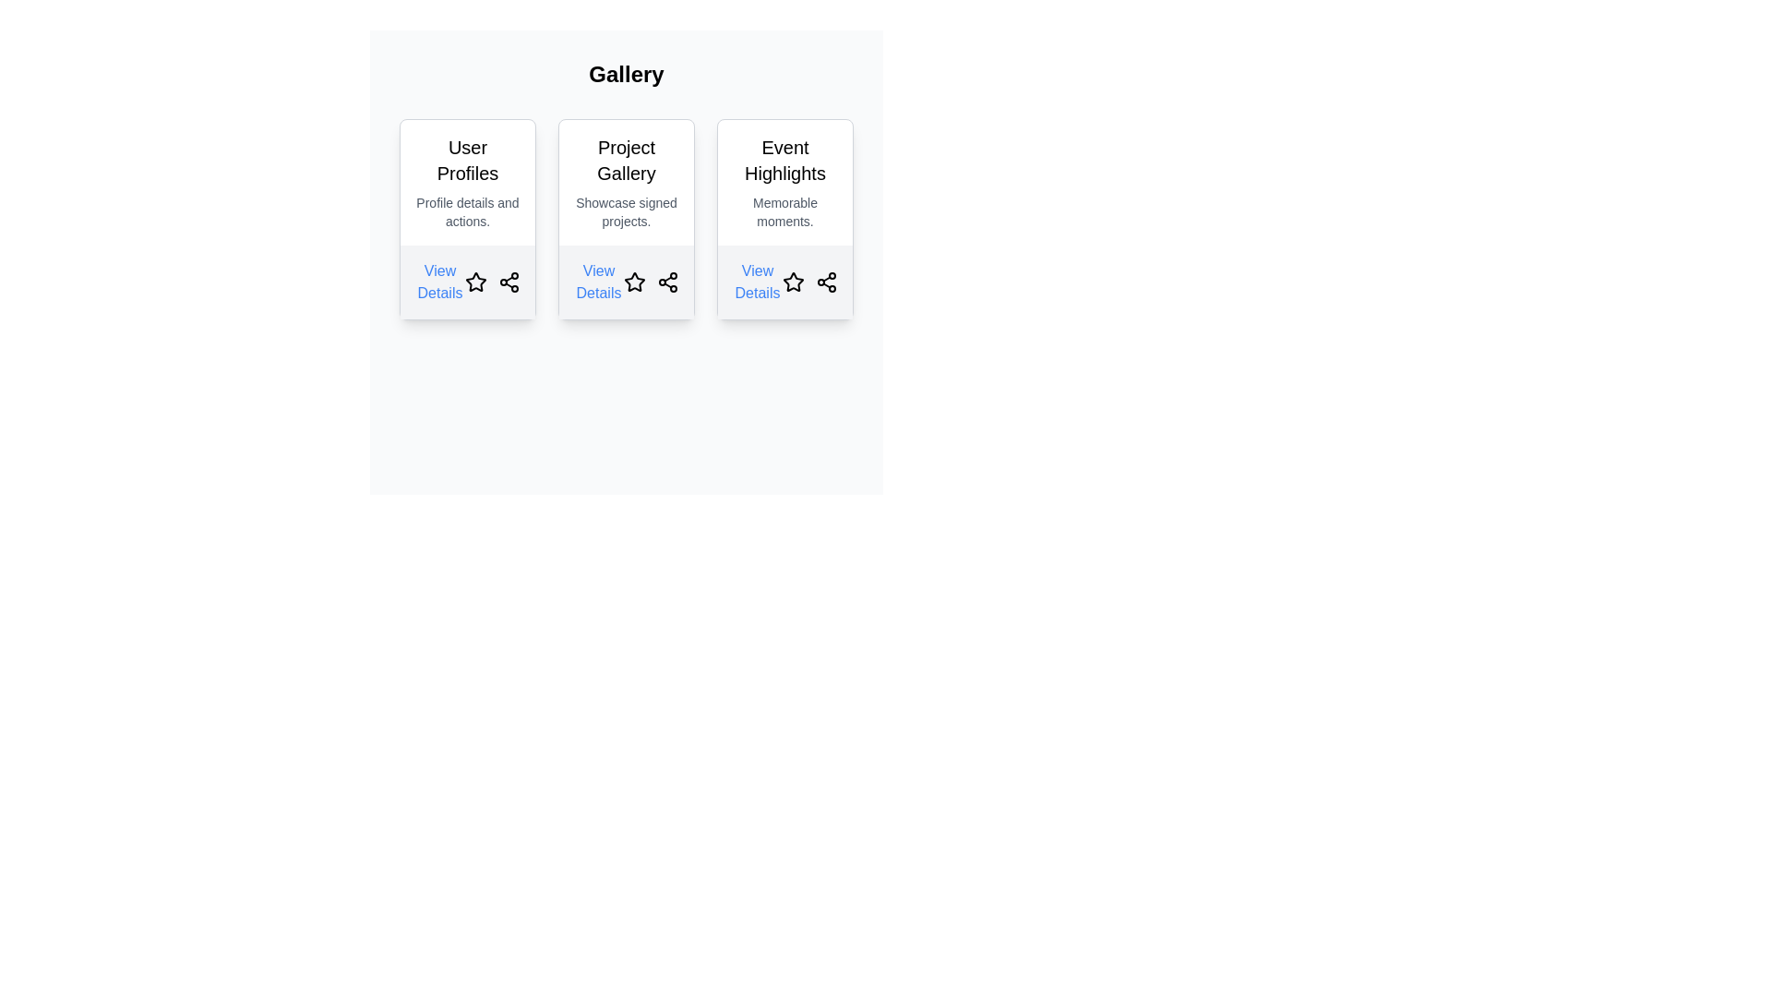 This screenshot has width=1772, height=997. Describe the element at coordinates (509, 282) in the screenshot. I see `the share icon located at the bottom of the 'User Profiles' card, which is the second element in a row of interactive elements, positioned to the immediate right of the star icon` at that location.